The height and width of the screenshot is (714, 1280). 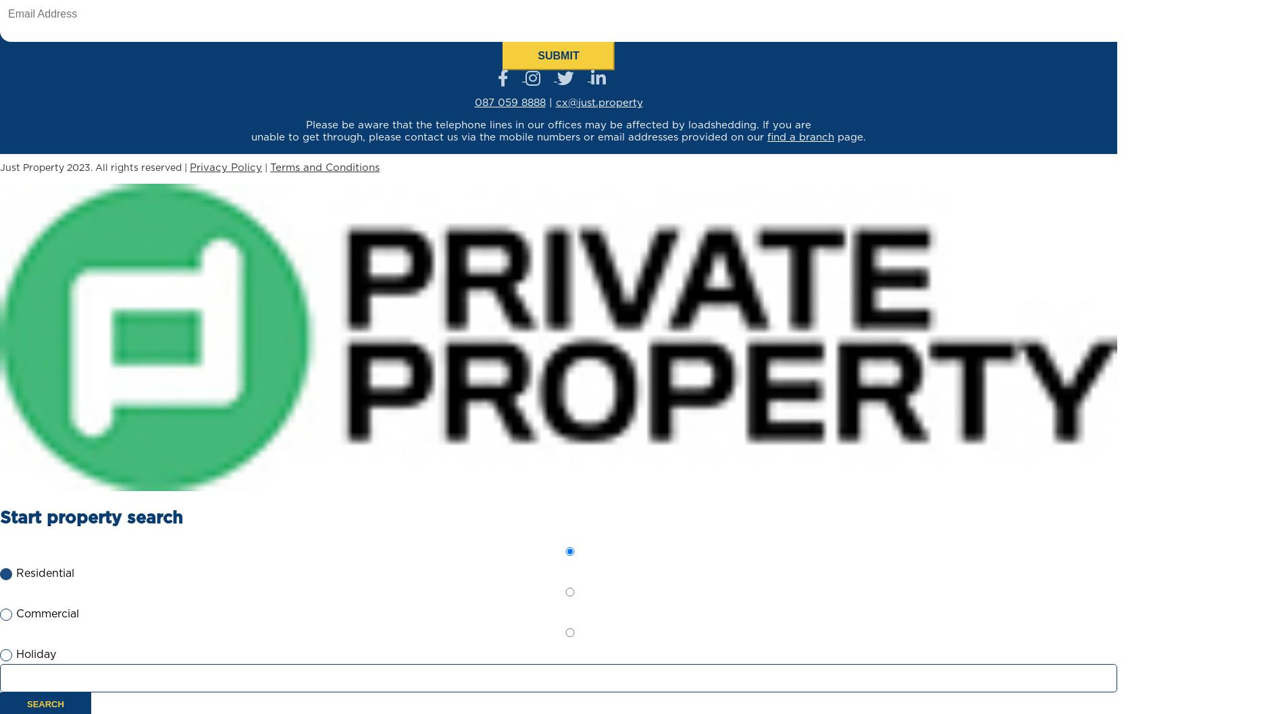 I want to click on 'Please be aware that the telephone lines in our offices may be affected by loadshedding. If you are', so click(x=557, y=125).